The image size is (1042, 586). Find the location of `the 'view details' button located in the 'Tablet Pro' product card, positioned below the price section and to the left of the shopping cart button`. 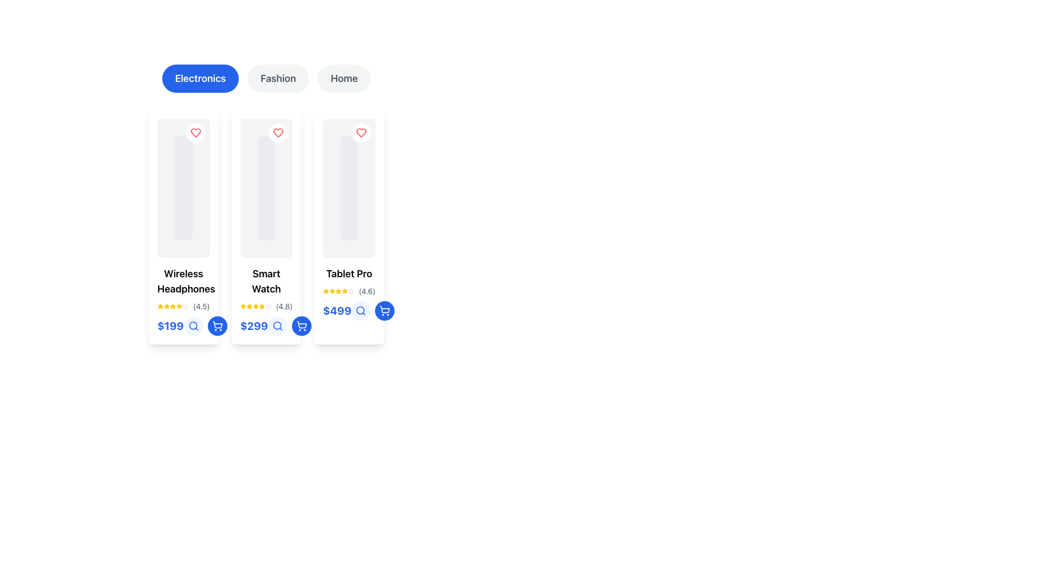

the 'view details' button located in the 'Tablet Pro' product card, positioned below the price section and to the left of the shopping cart button is located at coordinates (361, 311).